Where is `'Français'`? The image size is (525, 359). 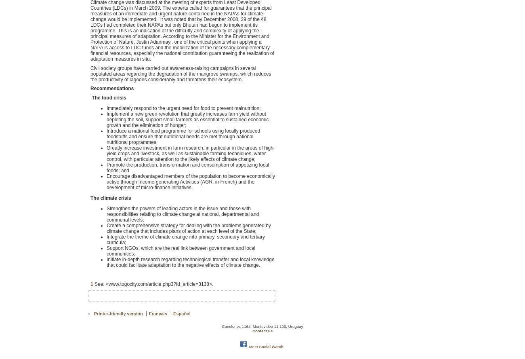 'Français' is located at coordinates (148, 313).